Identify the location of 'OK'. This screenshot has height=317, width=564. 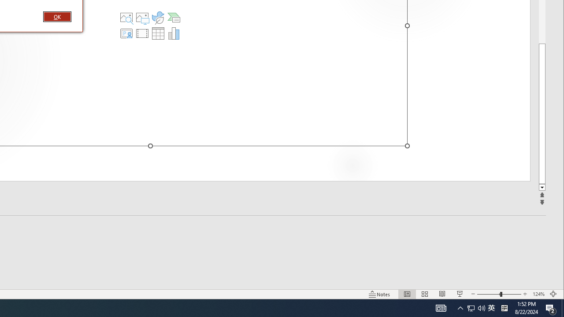
(57, 16).